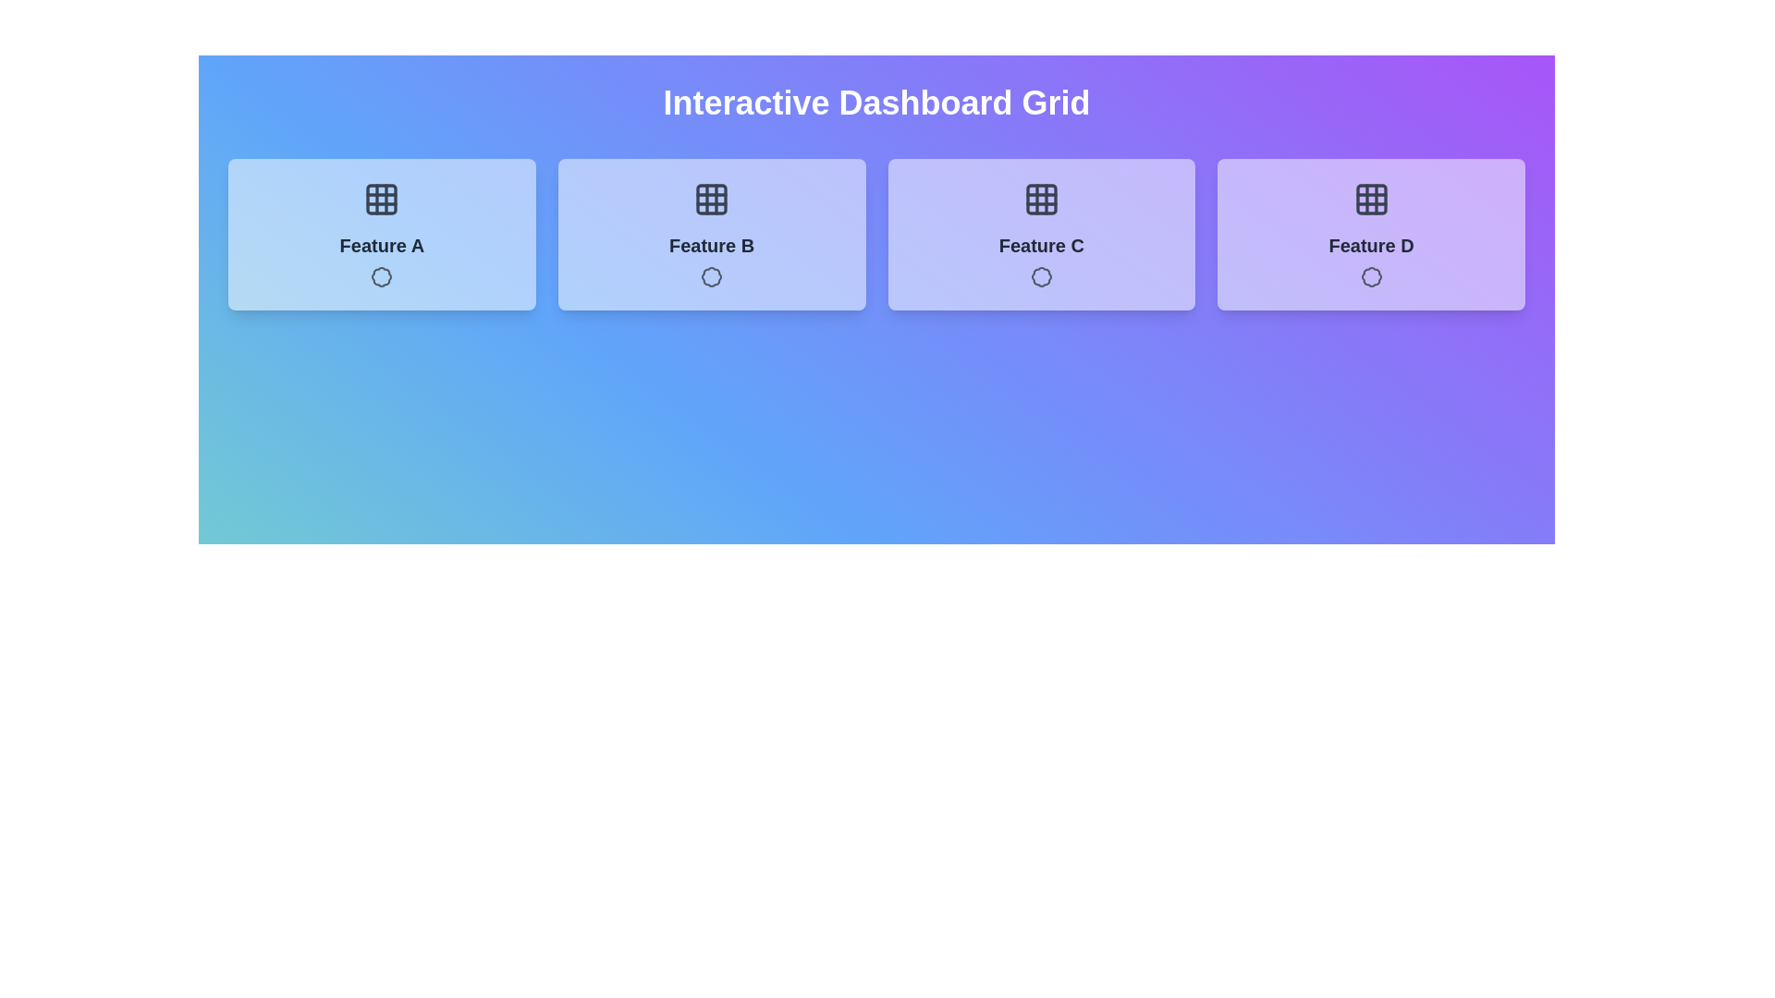 This screenshot has height=998, width=1775. I want to click on the SVG icon styled as a 3x3 grid of squares, dark gray in color, located inside the card labeled 'Feature D' on the rightmost side of the row, so click(1371, 200).